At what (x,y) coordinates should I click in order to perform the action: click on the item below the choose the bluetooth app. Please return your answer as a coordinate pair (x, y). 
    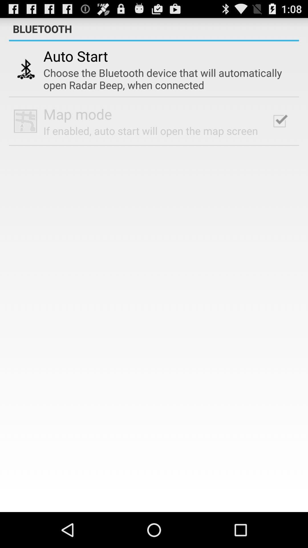
    Looking at the image, I should click on (279, 121).